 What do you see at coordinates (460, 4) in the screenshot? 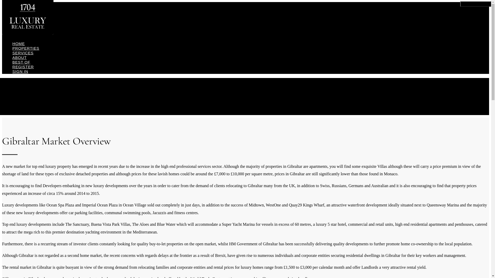
I see `'Toggle navigation'` at bounding box center [460, 4].